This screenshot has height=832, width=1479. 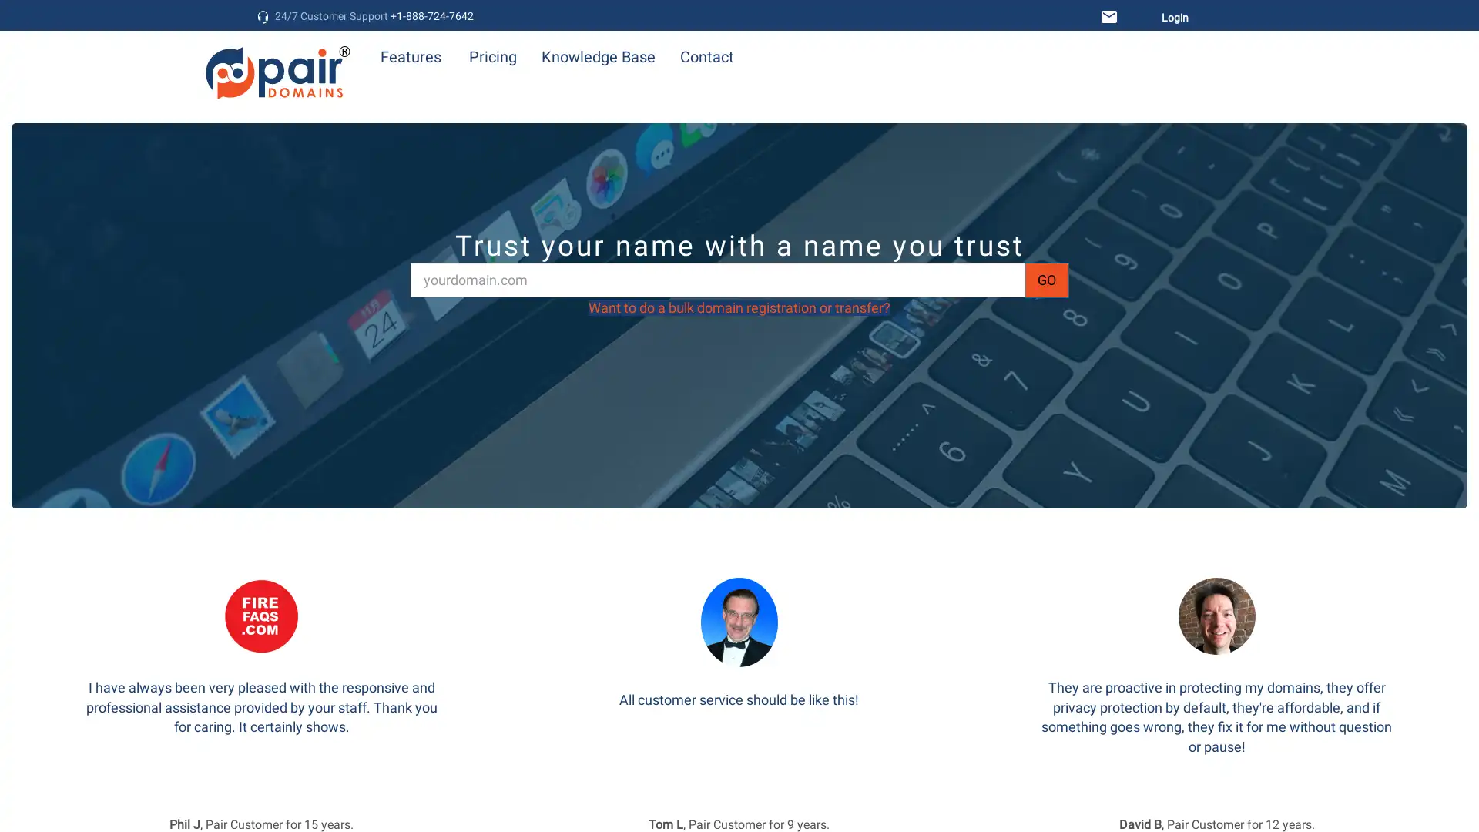 I want to click on GO, so click(x=1046, y=279).